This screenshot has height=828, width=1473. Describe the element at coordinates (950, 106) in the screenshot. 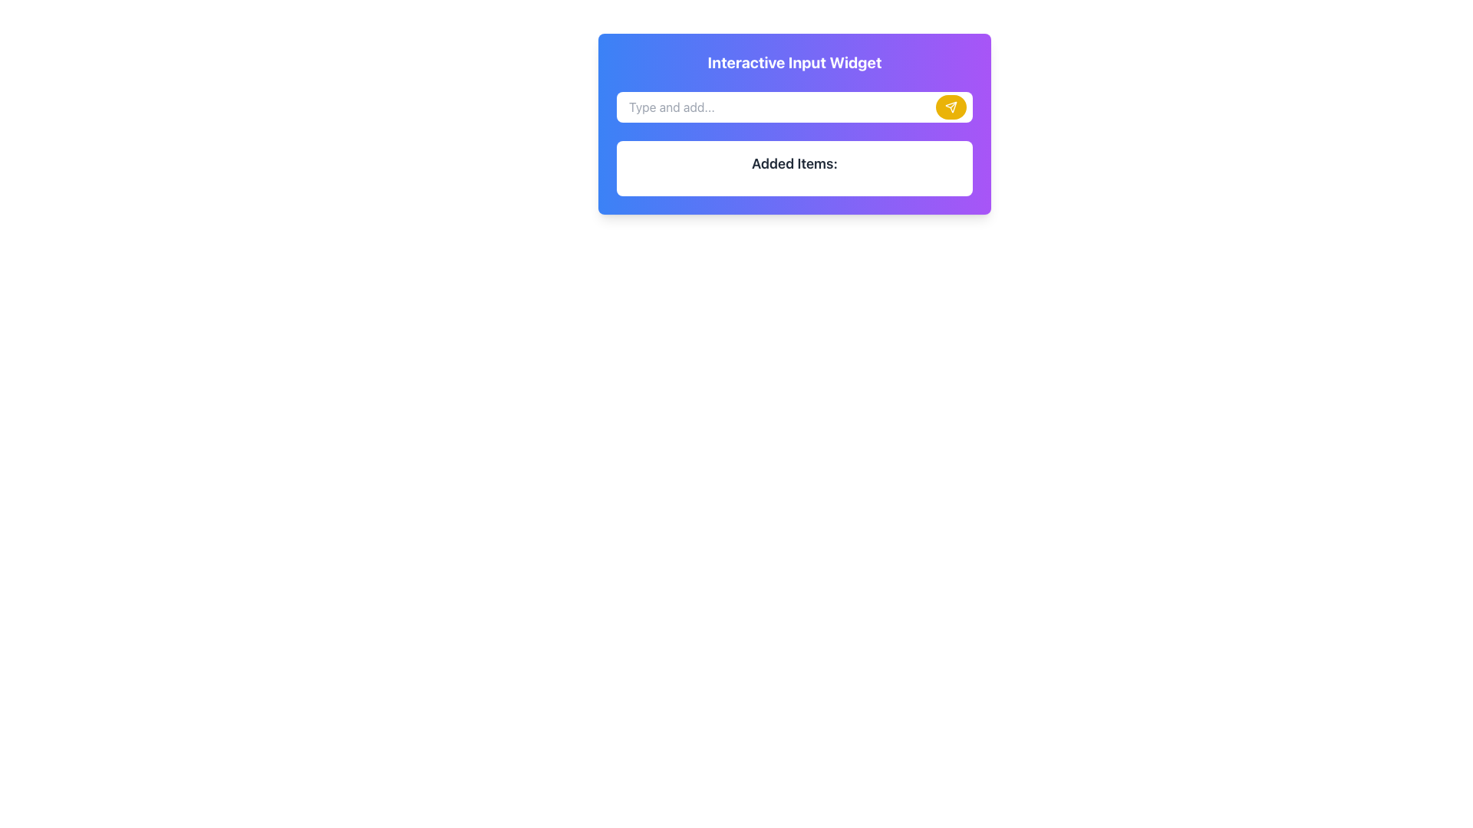

I see `the 'send' icon located at the center of the button` at that location.